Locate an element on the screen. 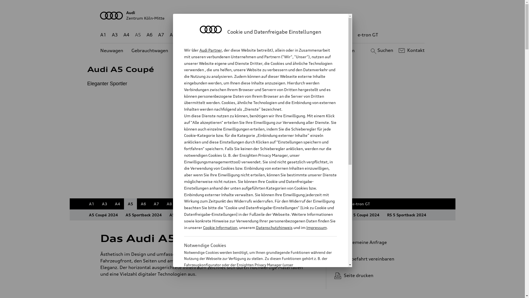 The width and height of the screenshot is (529, 298). 'A1' is located at coordinates (103, 35).